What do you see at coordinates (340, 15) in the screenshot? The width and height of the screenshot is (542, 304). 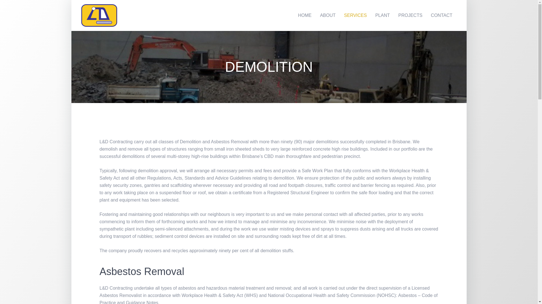 I see `'SERVICES'` at bounding box center [340, 15].